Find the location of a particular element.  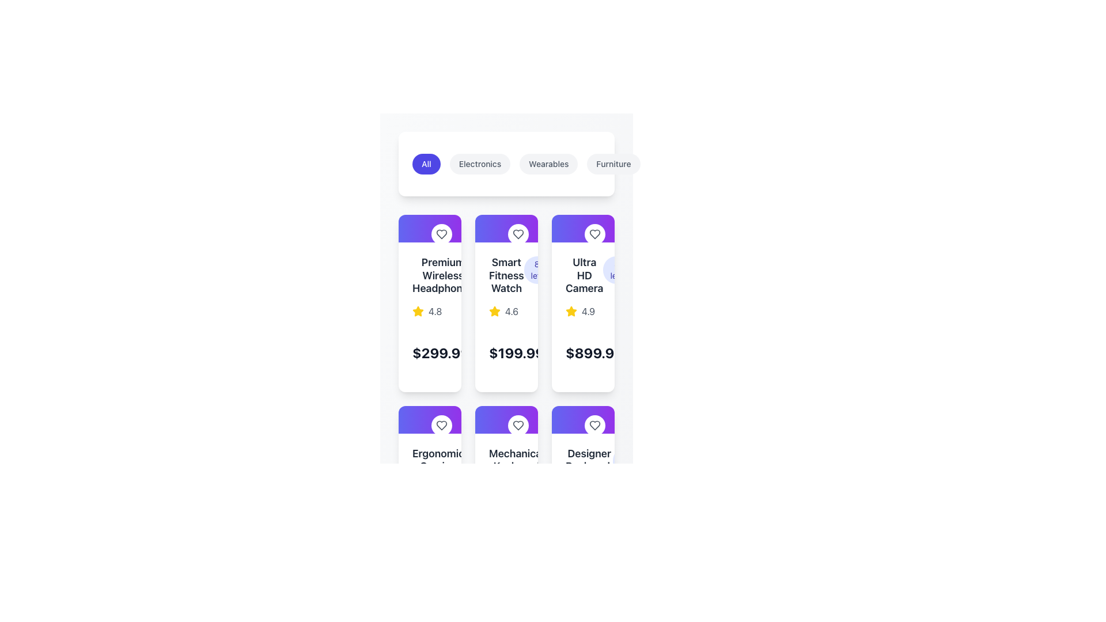

the 'like' icon button located in the top-right corner of the 'Premium Wireless Headphone' card to favorite the item is located at coordinates (441, 234).